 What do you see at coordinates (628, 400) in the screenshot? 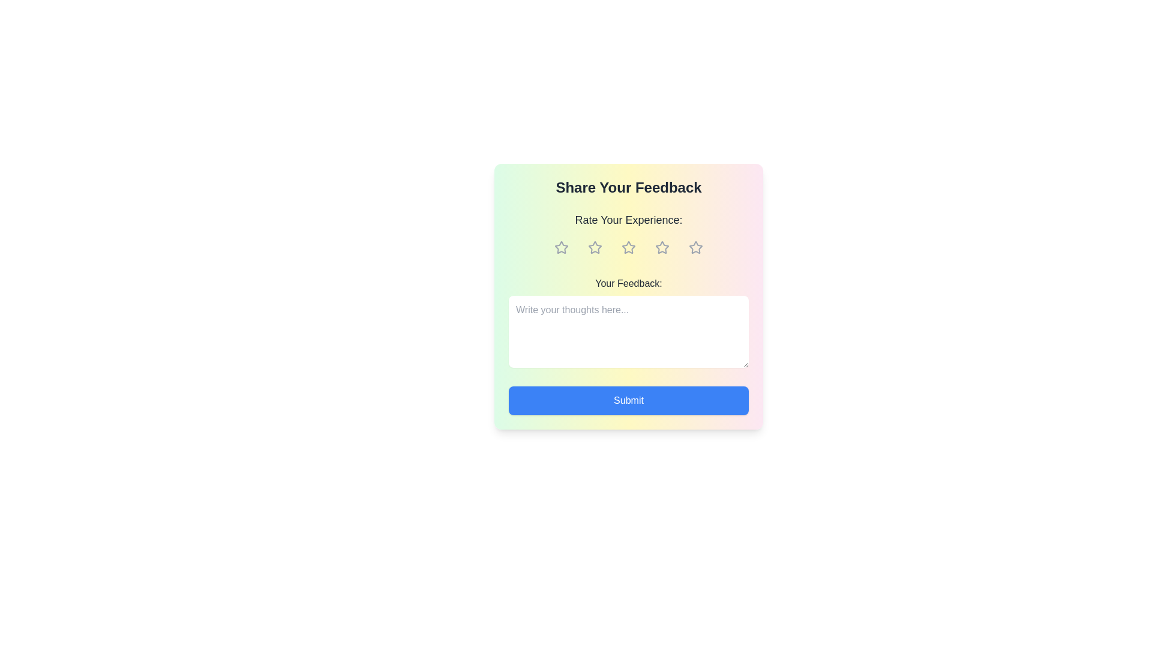
I see `the blue 'Submit' button with white text at the bottom of the feedback form` at bounding box center [628, 400].